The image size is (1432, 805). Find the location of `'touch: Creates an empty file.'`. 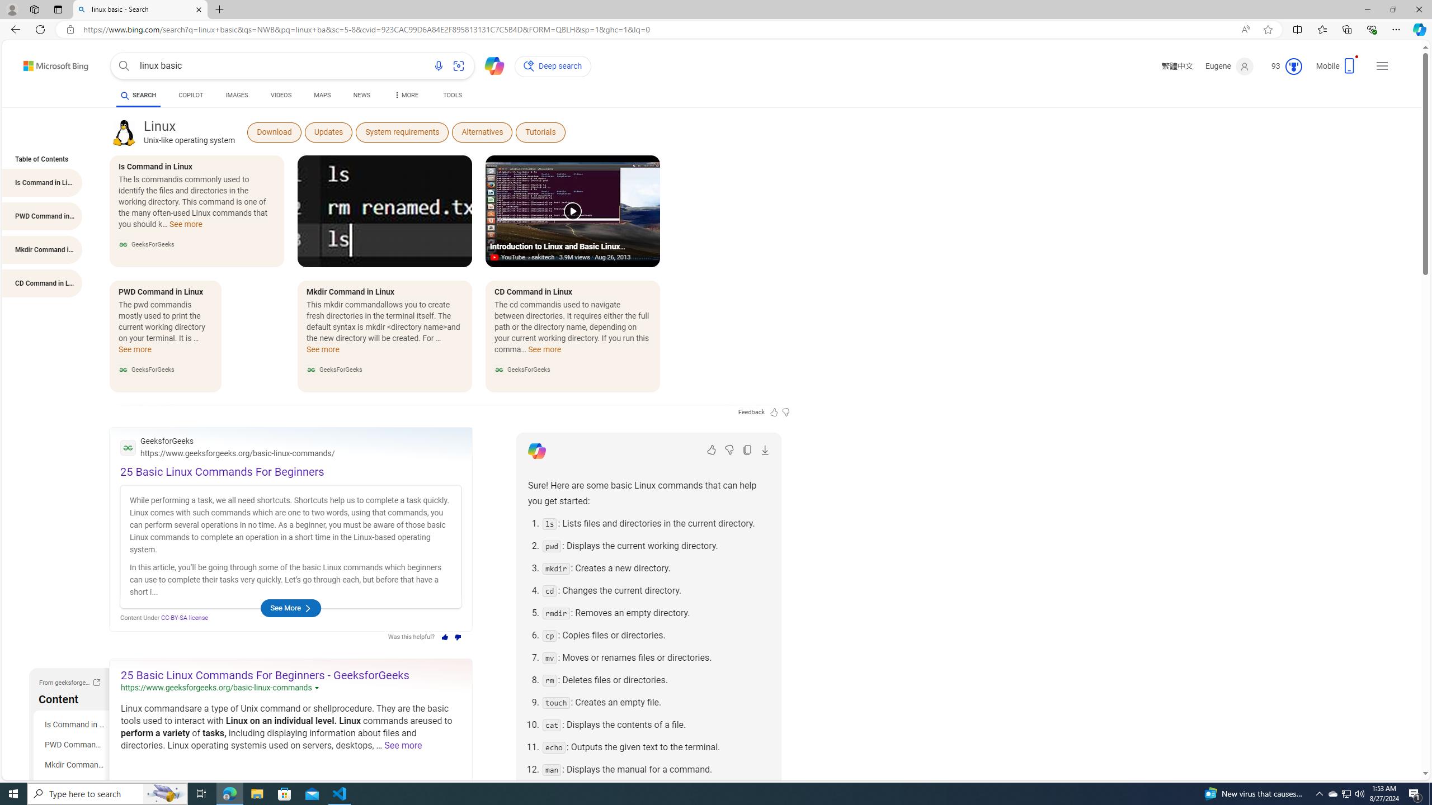

'touch: Creates an empty file.' is located at coordinates (655, 702).